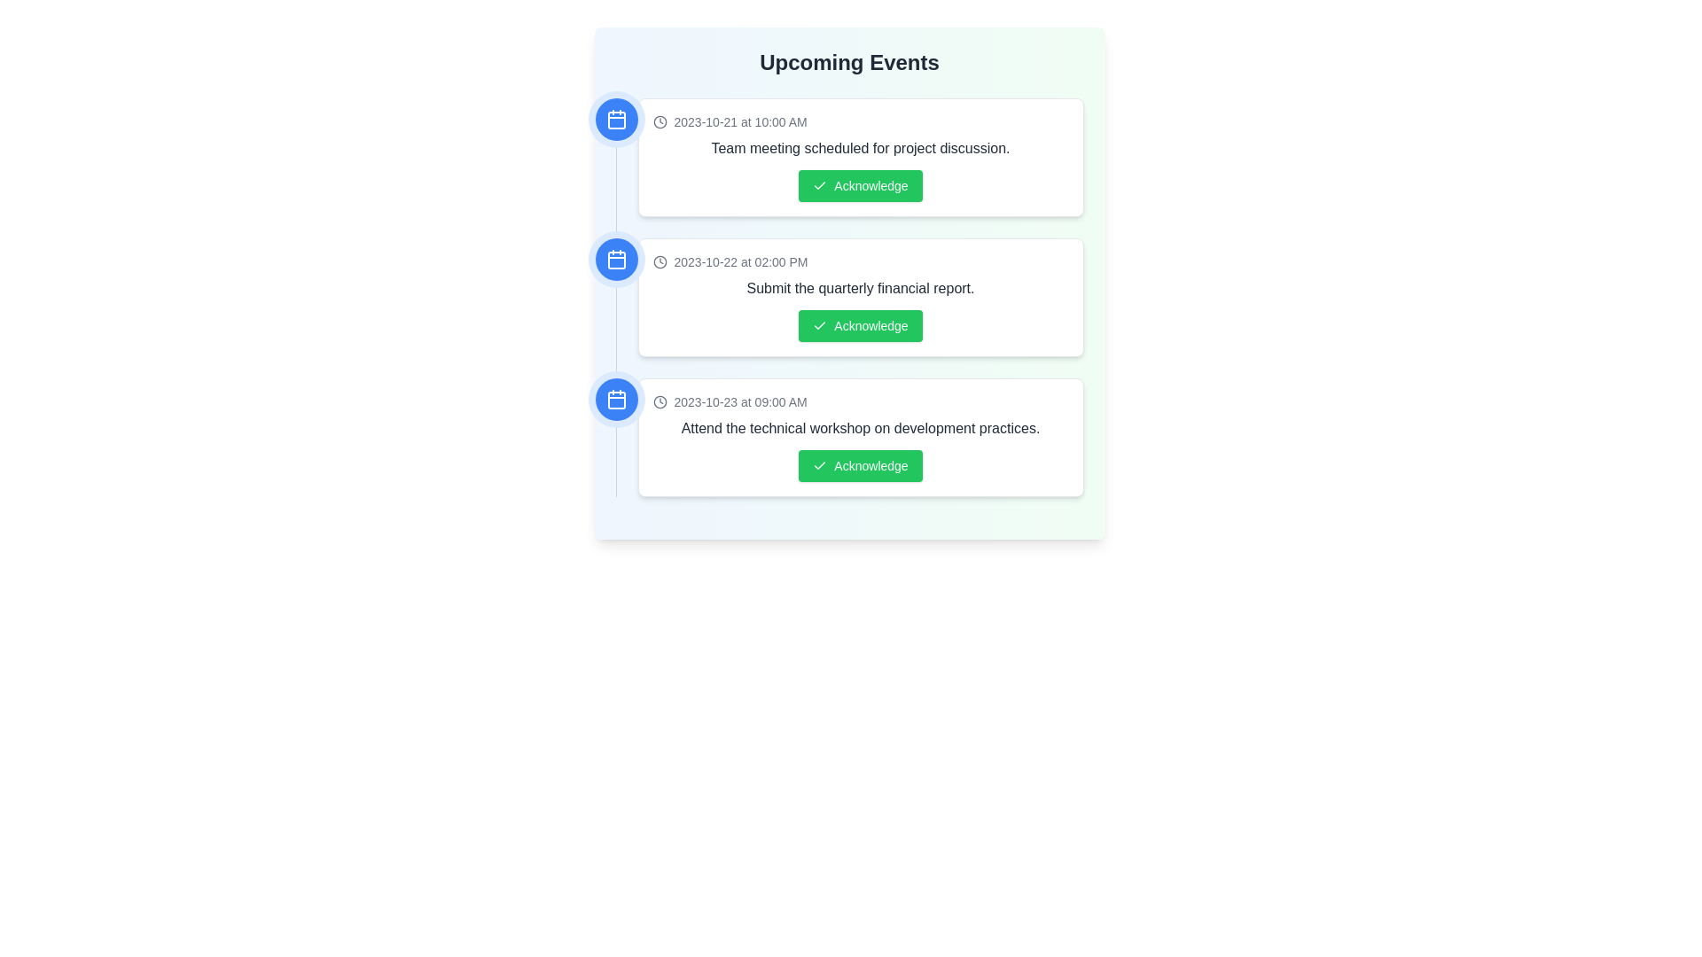 The image size is (1702, 957). Describe the element at coordinates (860, 185) in the screenshot. I see `the 'Acknowledge' button for the event '2023-10-21 at 10:00 AM'` at that location.